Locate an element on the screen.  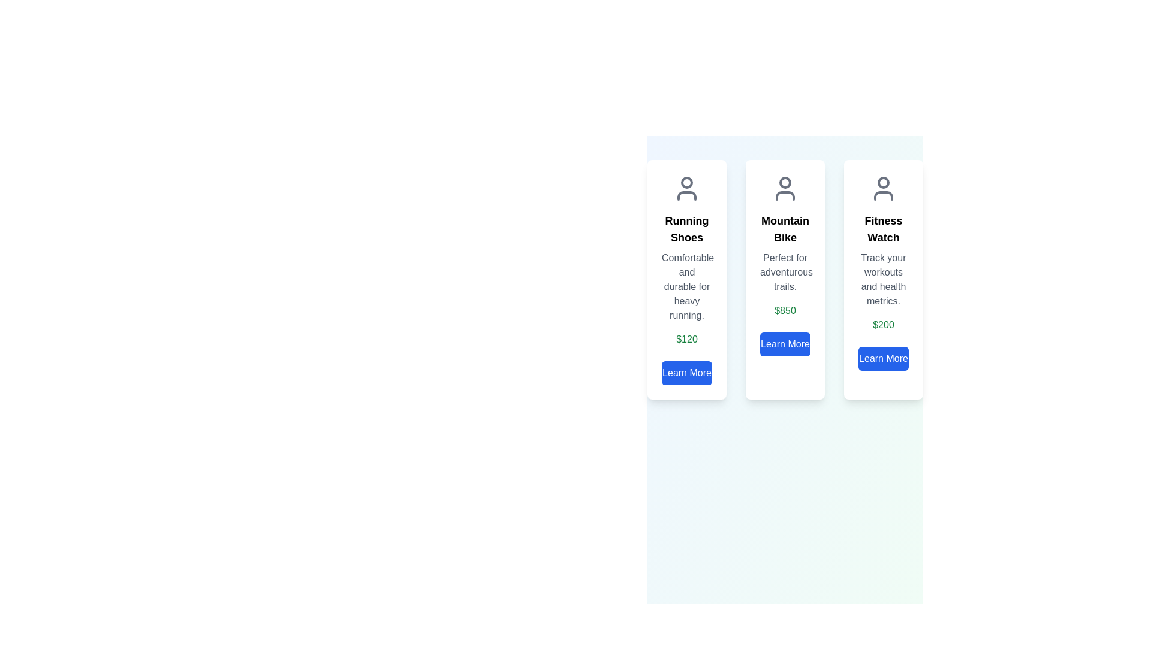
the SVG circle element in the top icon of the 'Fitness Watch' card, which is the third card from the left in the series of product cards is located at coordinates (883, 182).